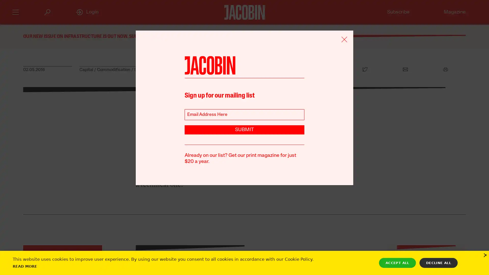 The height and width of the screenshot is (275, 489). Describe the element at coordinates (244, 129) in the screenshot. I see `SUBMIT` at that location.